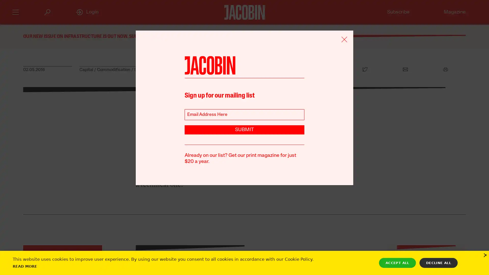 The height and width of the screenshot is (275, 489). Describe the element at coordinates (244, 129) in the screenshot. I see `SUBMIT` at that location.